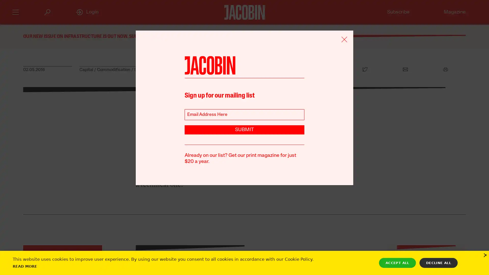 The height and width of the screenshot is (275, 489). Describe the element at coordinates (244, 129) in the screenshot. I see `SUBMIT` at that location.